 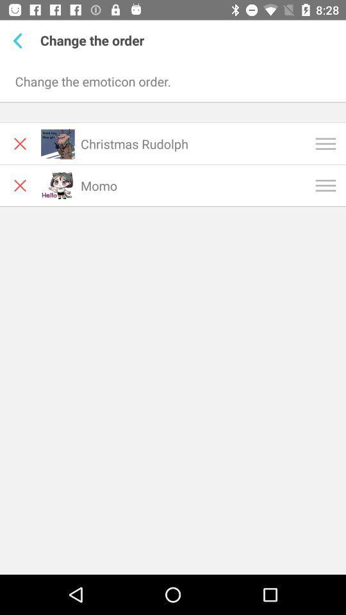 I want to click on back screen, so click(x=19, y=40).